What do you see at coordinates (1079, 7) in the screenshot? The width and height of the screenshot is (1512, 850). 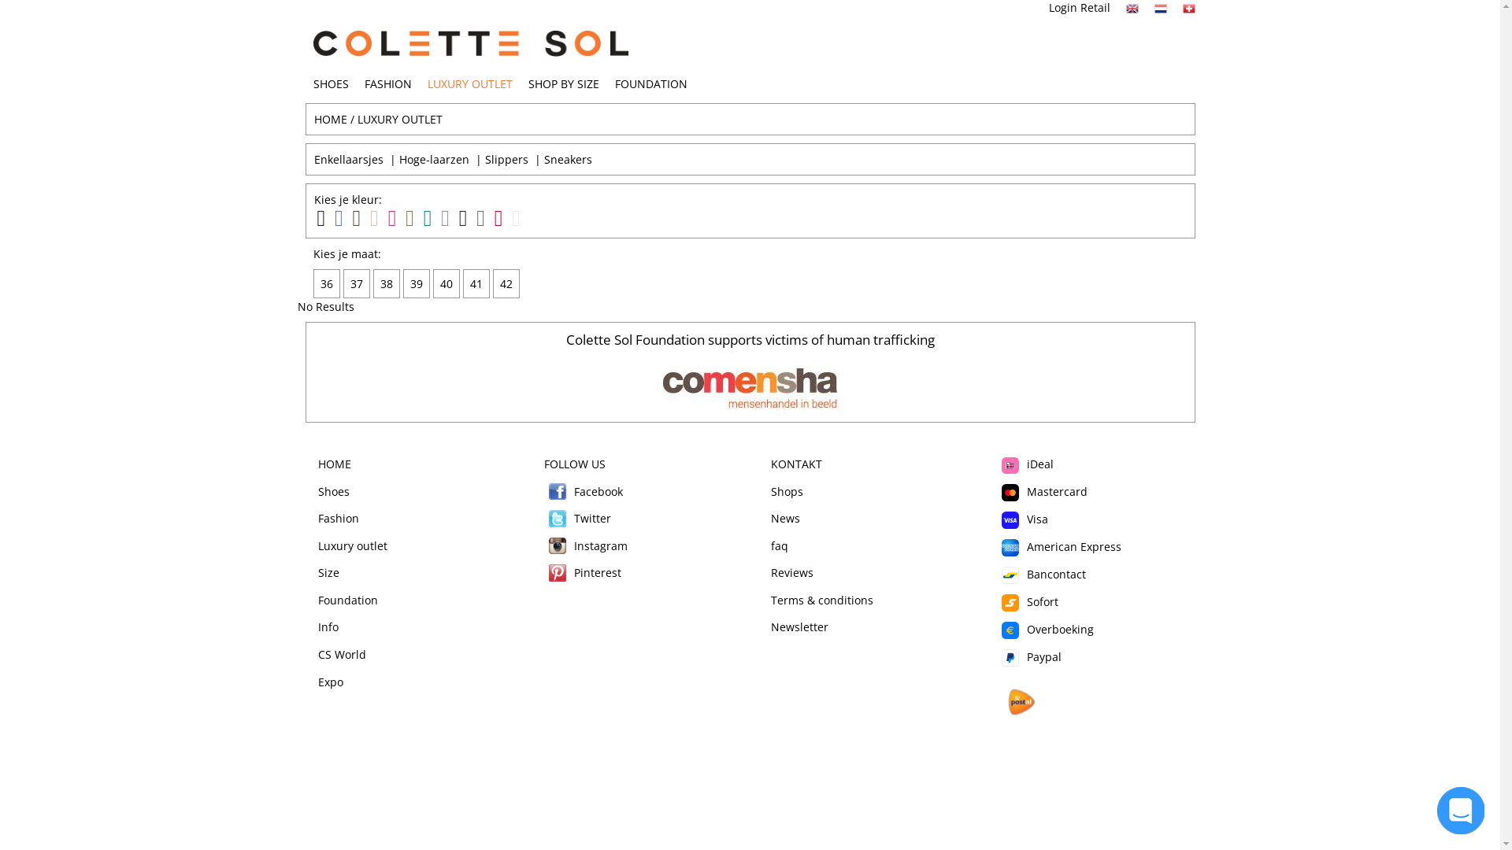 I see `'Login Retail'` at bounding box center [1079, 7].